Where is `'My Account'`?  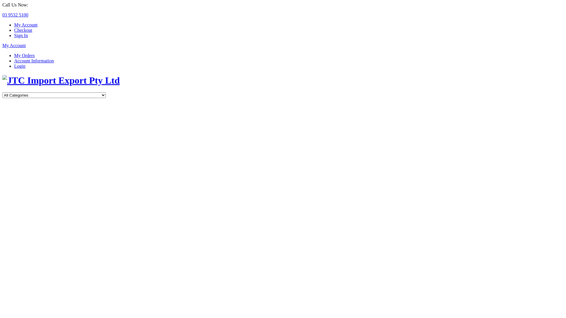
'My Account' is located at coordinates (14, 24).